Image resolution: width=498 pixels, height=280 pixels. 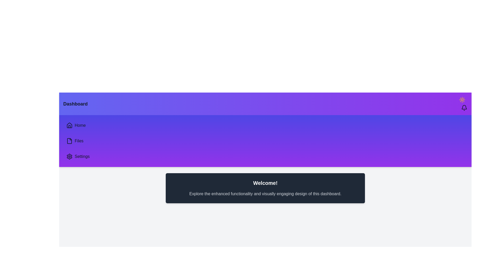 I want to click on the sidebar navigation item Home, so click(x=63, y=125).